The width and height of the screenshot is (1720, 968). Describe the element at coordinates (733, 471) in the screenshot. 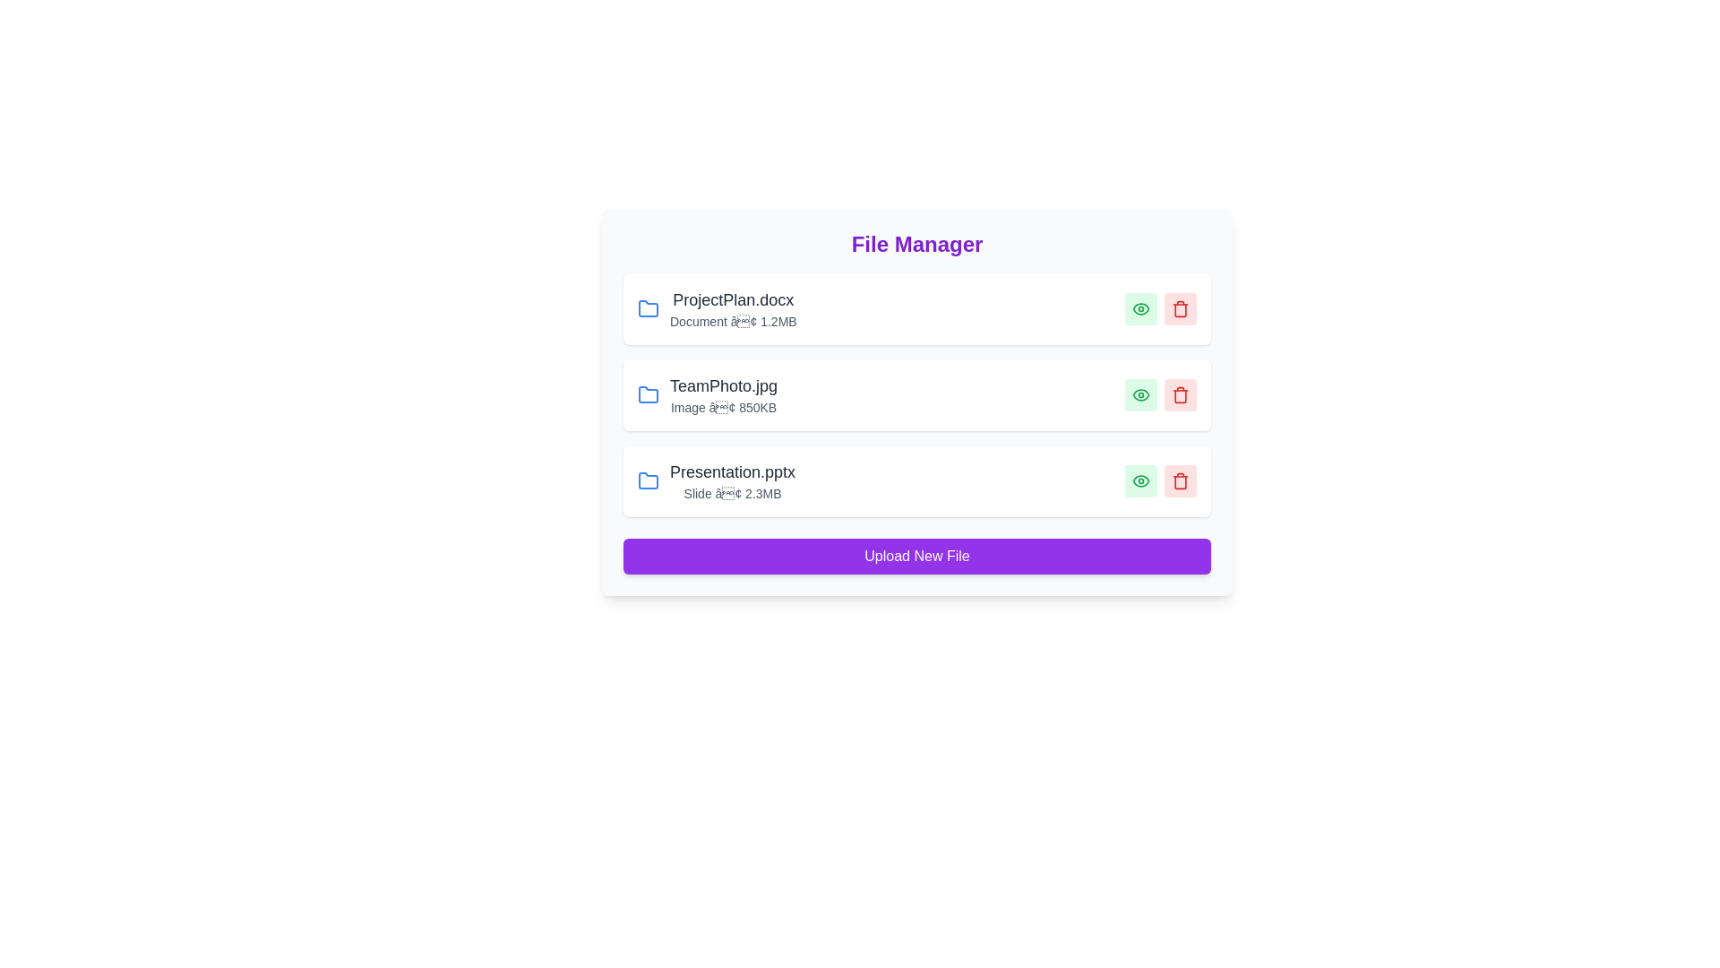

I see `the file name Presentation.pptx to edit or rename it` at that location.